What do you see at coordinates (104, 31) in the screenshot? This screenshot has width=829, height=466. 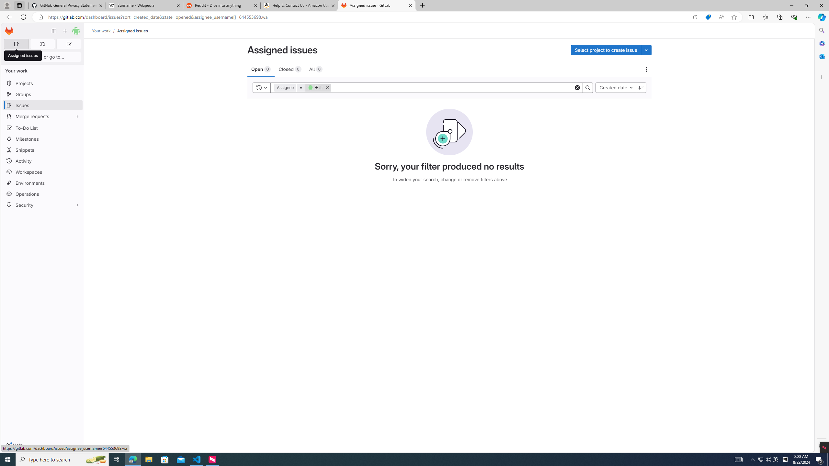 I see `'Your work/'` at bounding box center [104, 31].